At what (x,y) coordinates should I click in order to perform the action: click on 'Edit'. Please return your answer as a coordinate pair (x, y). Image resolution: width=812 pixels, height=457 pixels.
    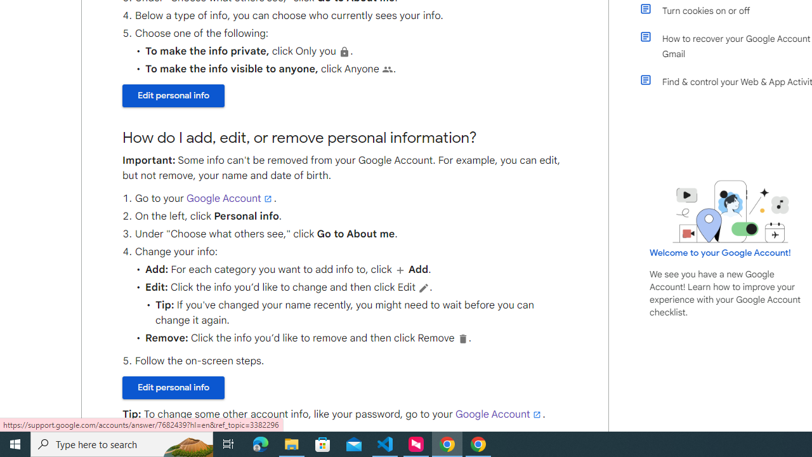
    Looking at the image, I should click on (424, 288).